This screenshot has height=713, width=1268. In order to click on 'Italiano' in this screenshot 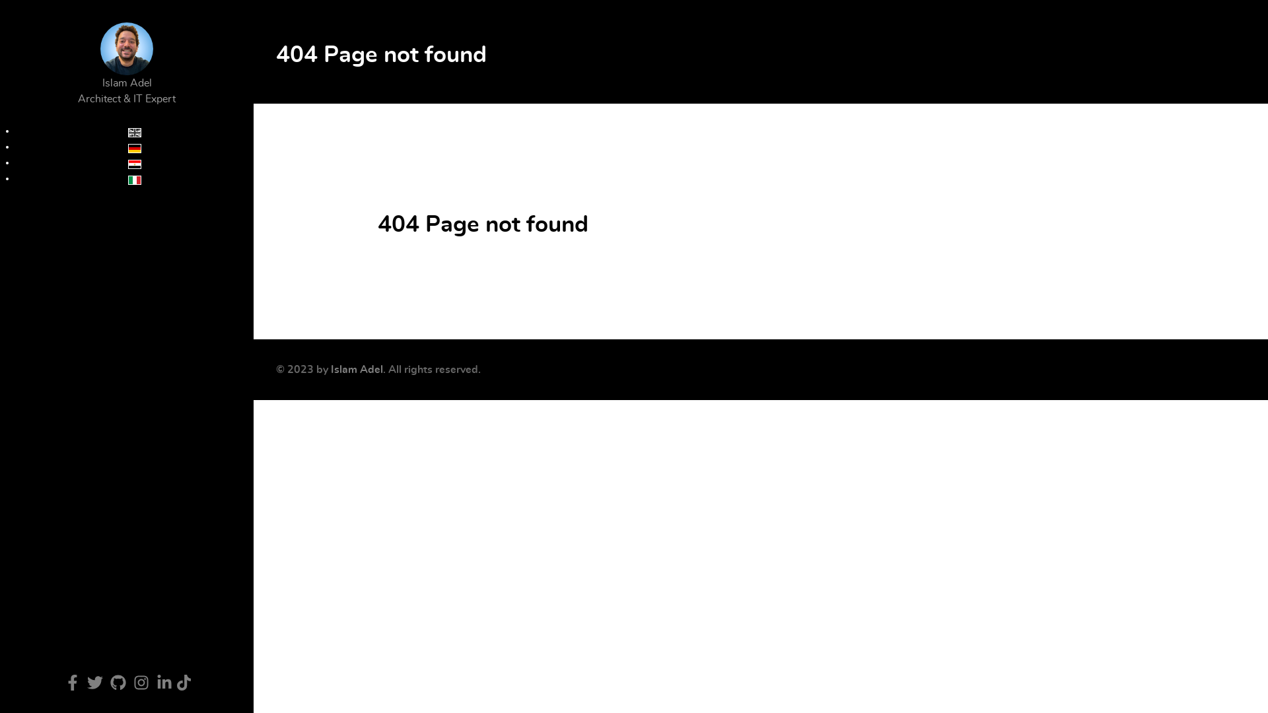, I will do `click(127, 180)`.